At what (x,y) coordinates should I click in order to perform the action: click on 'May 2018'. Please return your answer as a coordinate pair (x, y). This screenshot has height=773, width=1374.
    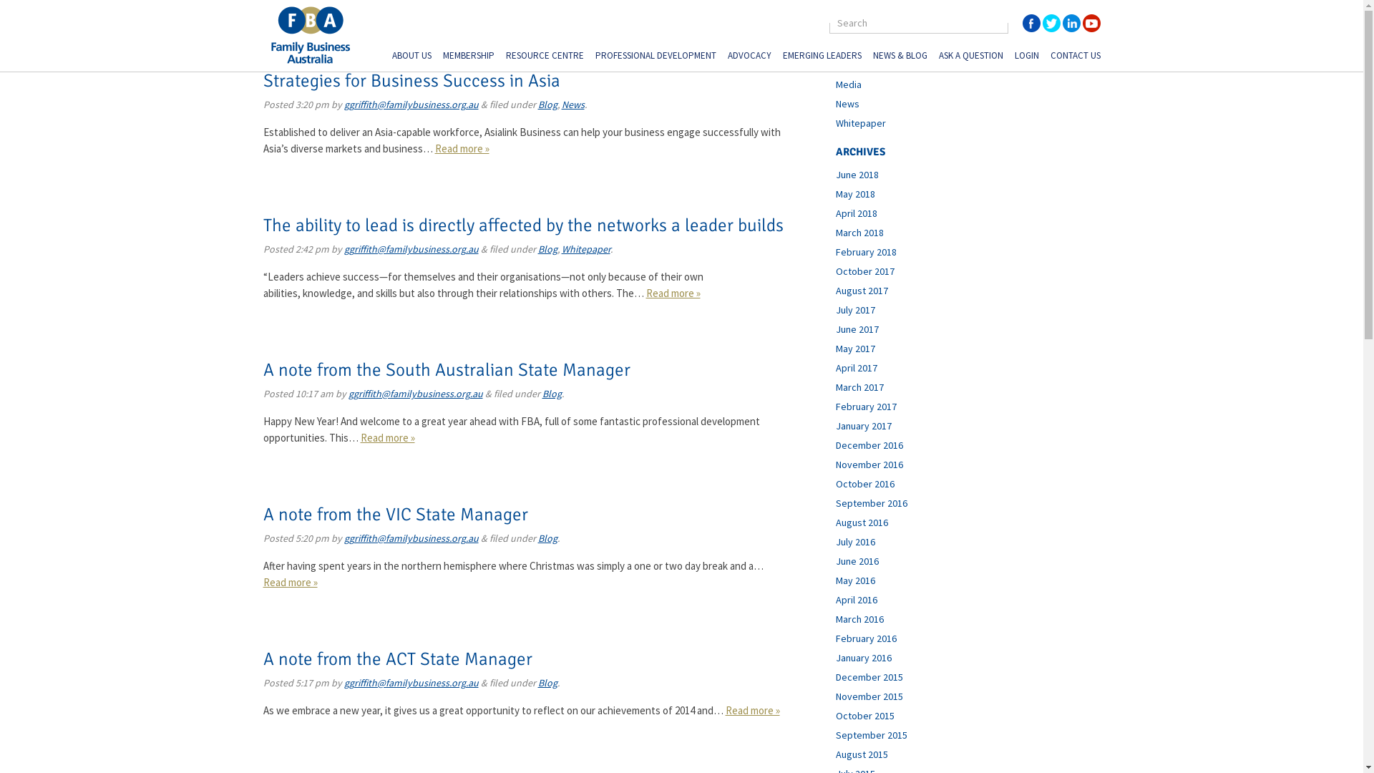
    Looking at the image, I should click on (855, 193).